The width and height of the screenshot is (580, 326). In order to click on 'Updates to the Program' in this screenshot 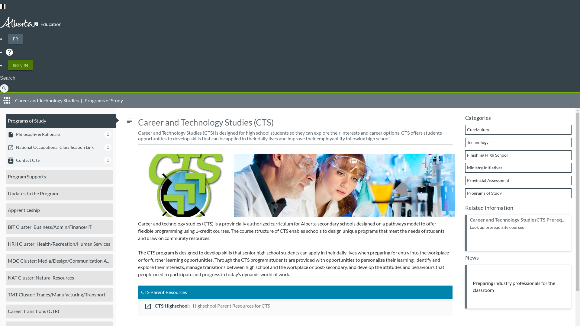, I will do `click(59, 193)`.